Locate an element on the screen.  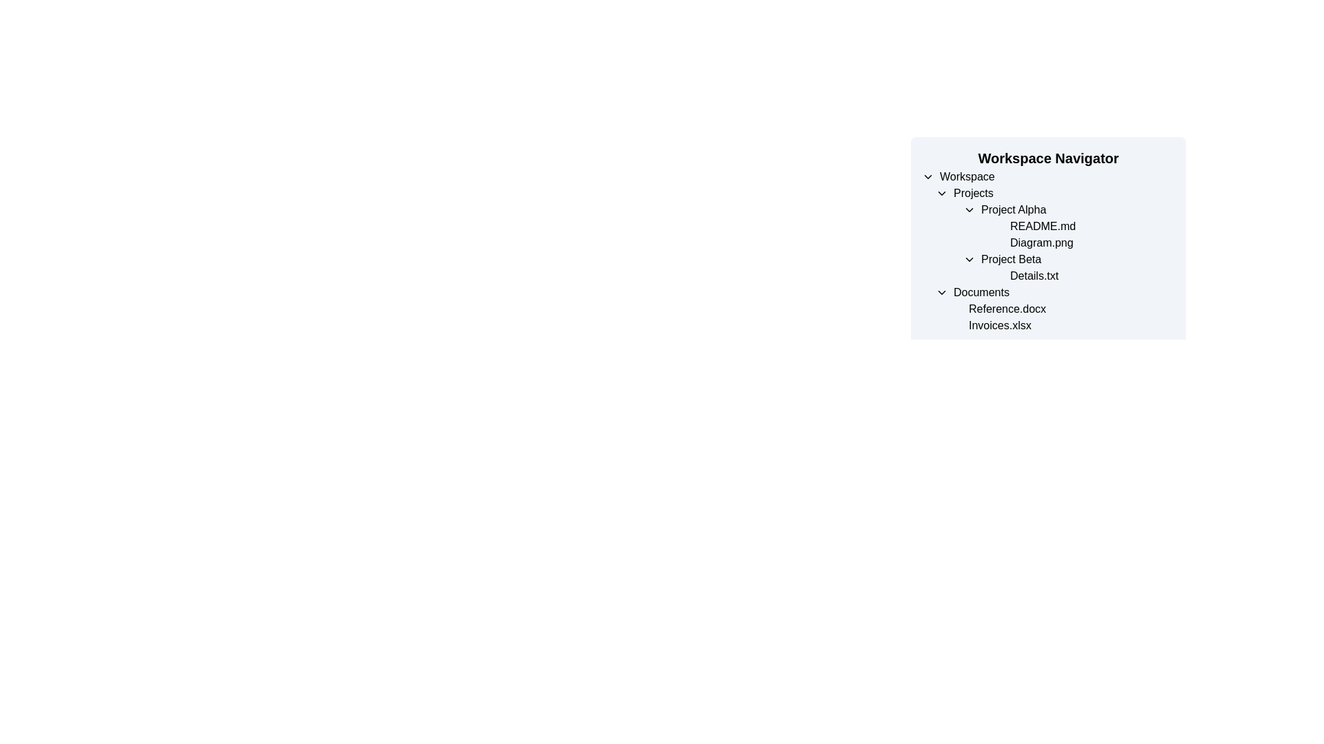
the text label representing the file 'Details.txt' located under 'Project Beta' in the 'Workspace Navigator' is located at coordinates (1054, 268).